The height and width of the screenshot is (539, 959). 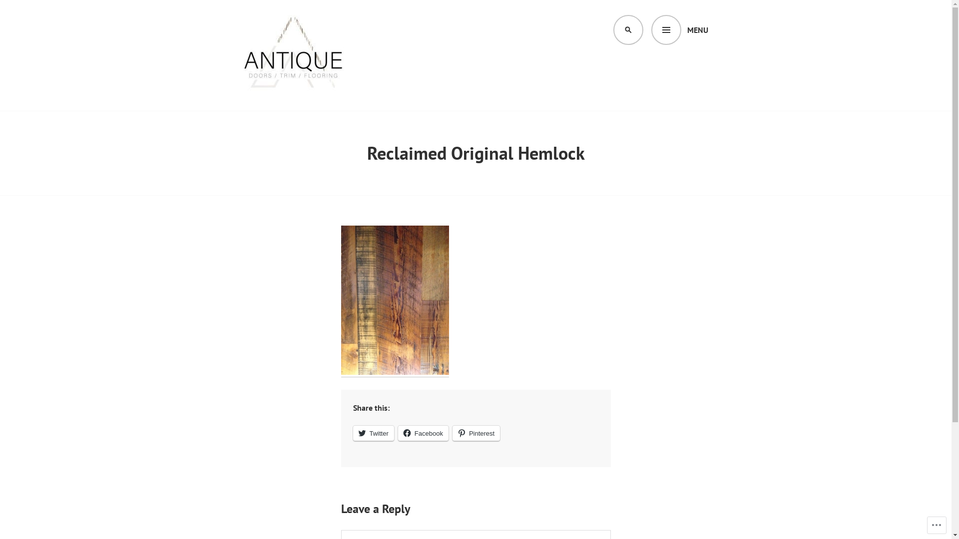 I want to click on 'Twitter', so click(x=373, y=433).